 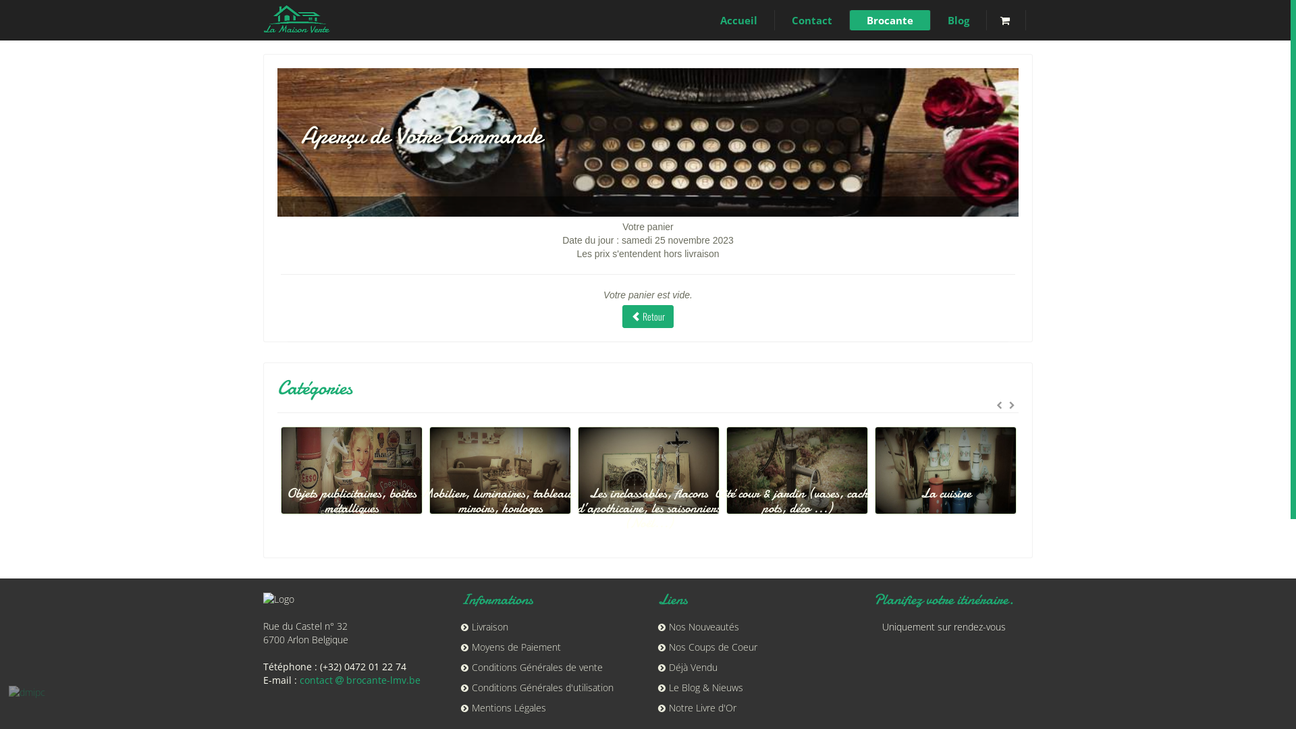 What do you see at coordinates (738, 20) in the screenshot?
I see `'Accueil'` at bounding box center [738, 20].